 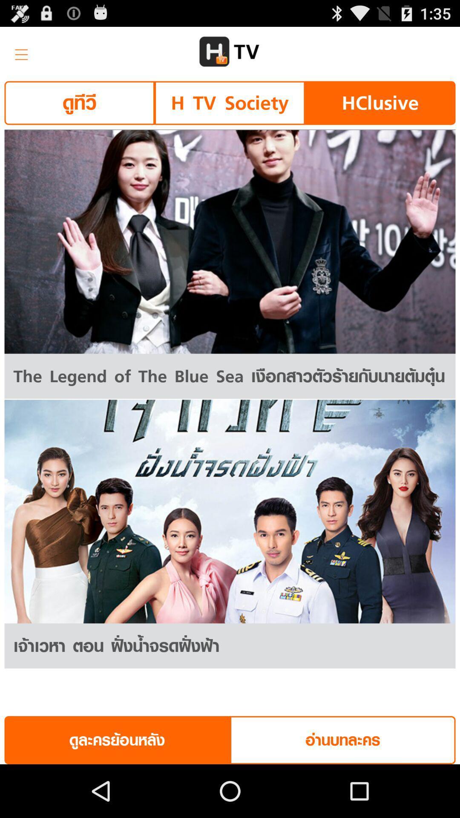 I want to click on the menu icon, so click(x=18, y=55).